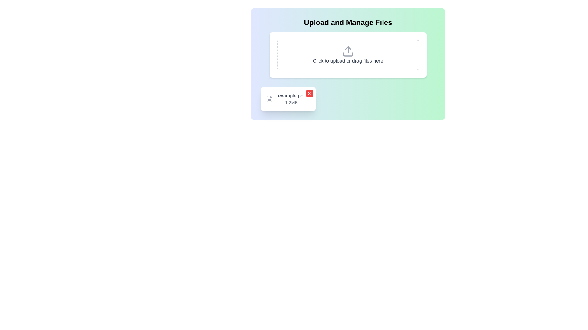  What do you see at coordinates (348, 61) in the screenshot?
I see `the instructional text label that prompts users to click or drag files for upload, located within the dashed-bordered file upload zone` at bounding box center [348, 61].